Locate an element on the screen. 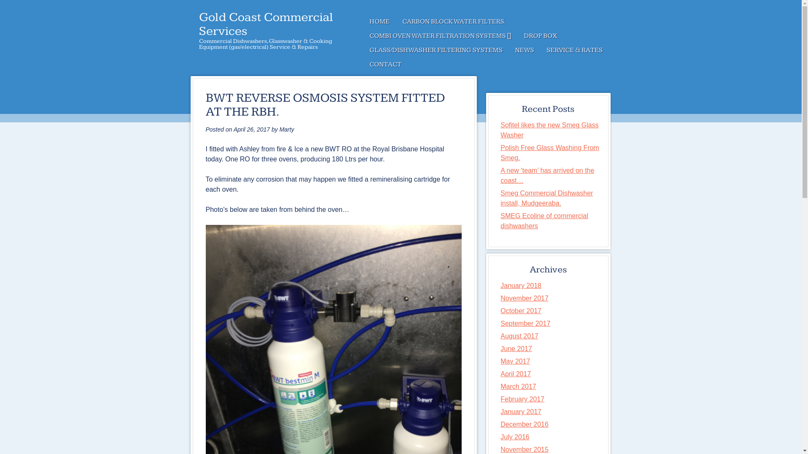 This screenshot has height=454, width=808. 'SKIP TO CONTENT' is located at coordinates (363, 21).